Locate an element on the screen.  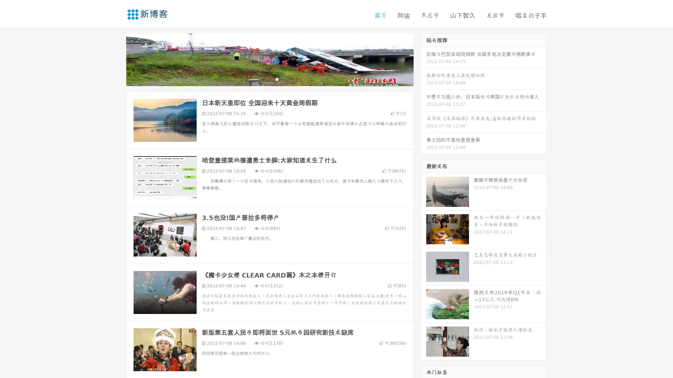
Previous slide is located at coordinates (116, 59).